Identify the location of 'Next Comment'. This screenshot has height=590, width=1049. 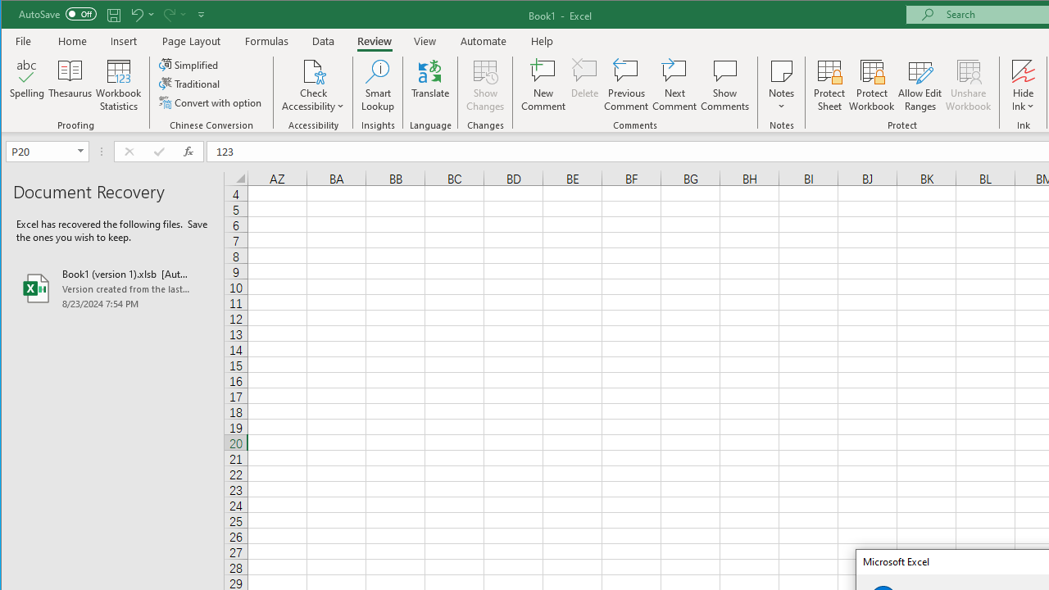
(674, 85).